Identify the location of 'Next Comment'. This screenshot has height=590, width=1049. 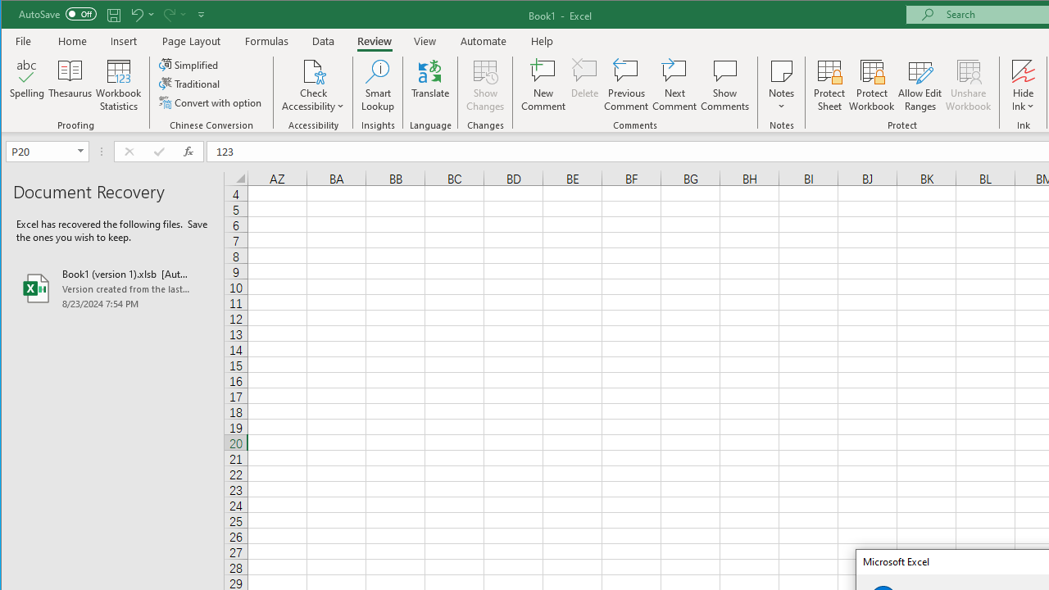
(674, 85).